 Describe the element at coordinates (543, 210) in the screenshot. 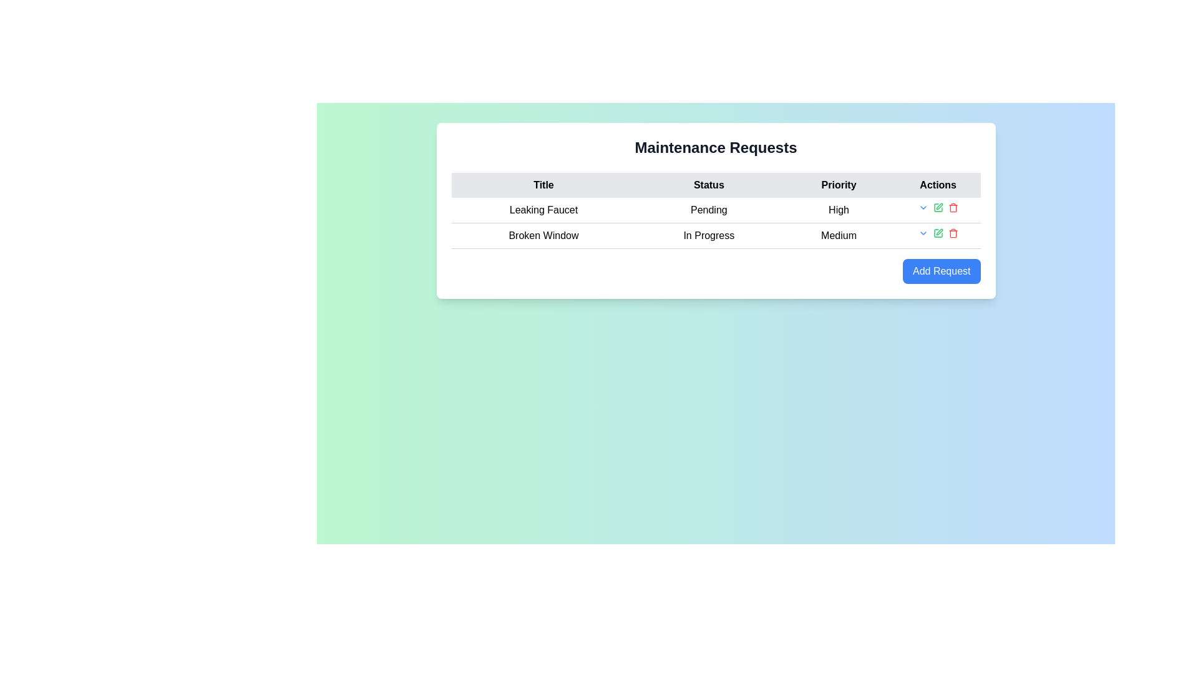

I see `the text label representing the title 'Leaking Faucet' located in the first row of the table under the 'Title' column` at that location.